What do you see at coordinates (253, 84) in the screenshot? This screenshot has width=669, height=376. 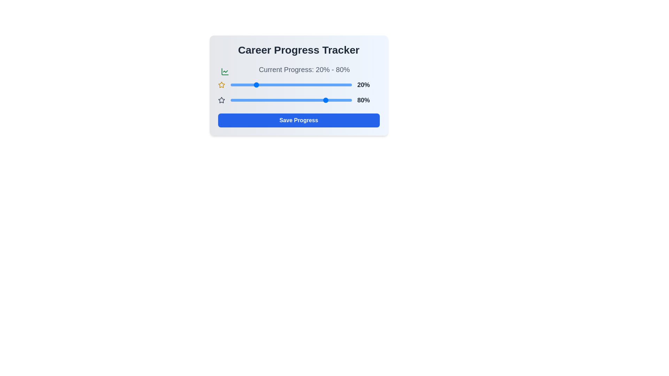 I see `the progress slider for the first value to 19%` at bounding box center [253, 84].